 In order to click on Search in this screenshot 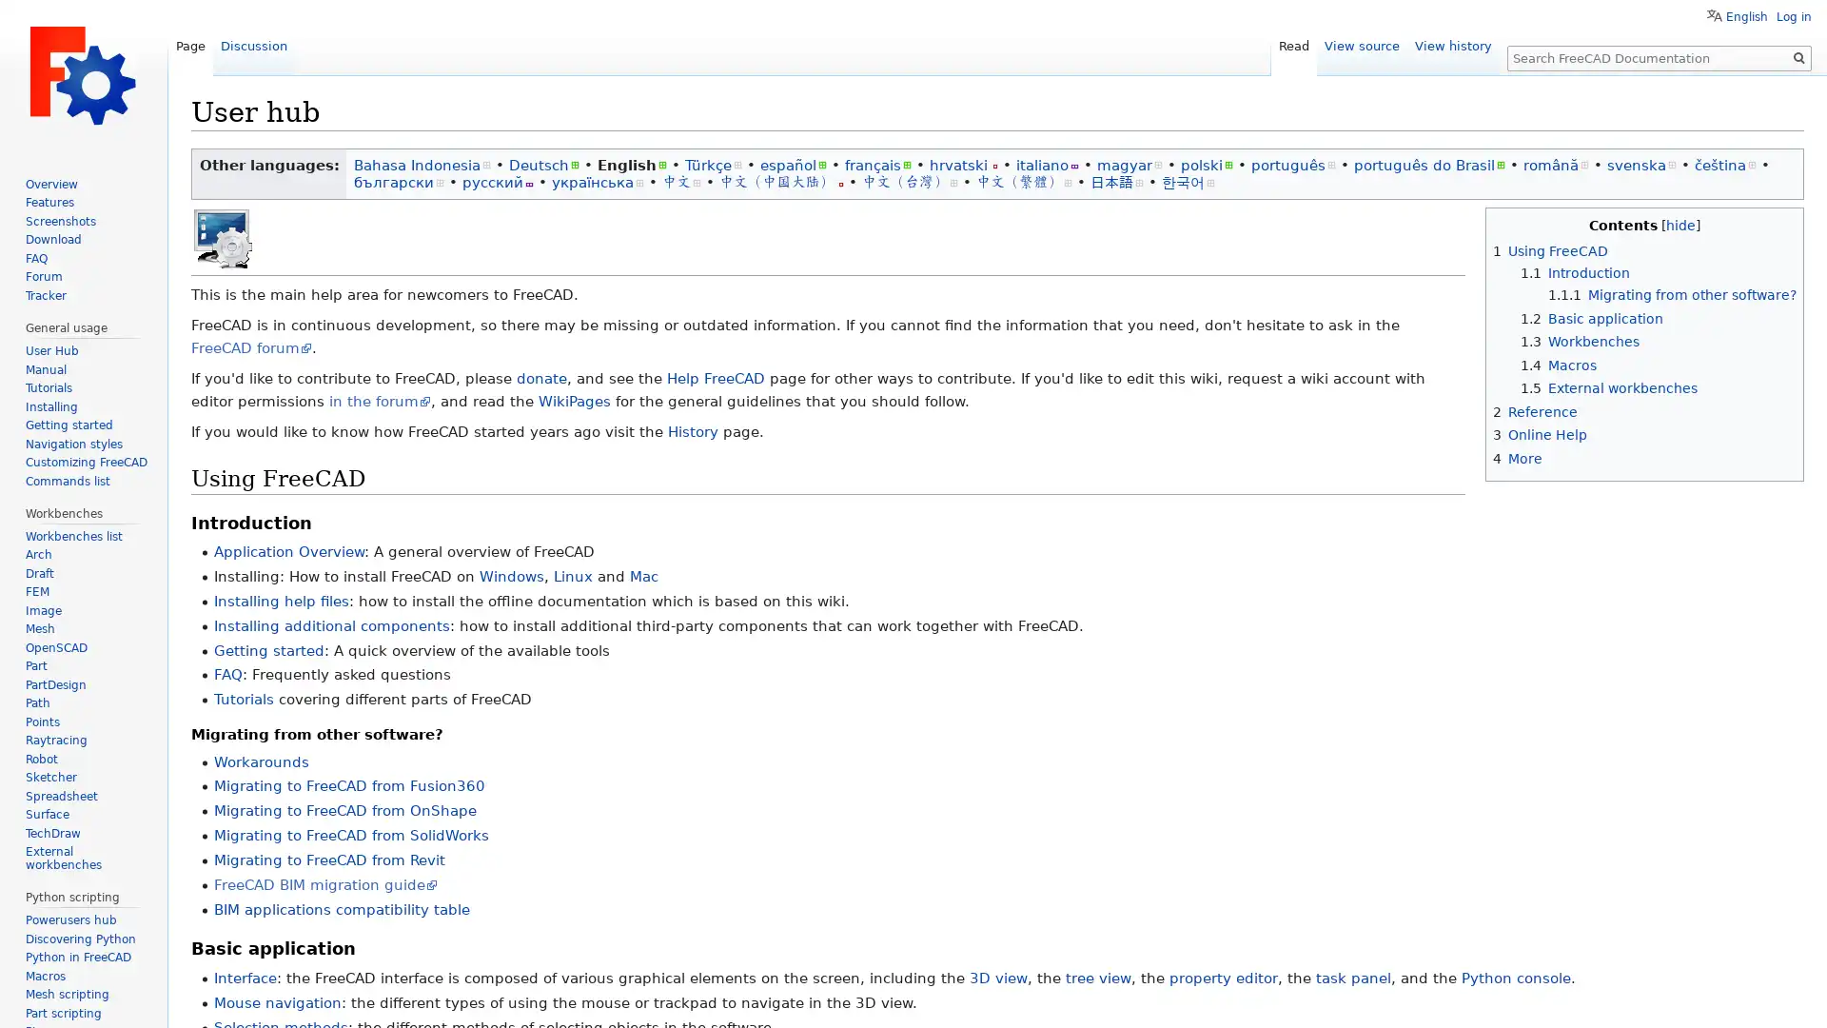, I will do `click(1798, 57)`.